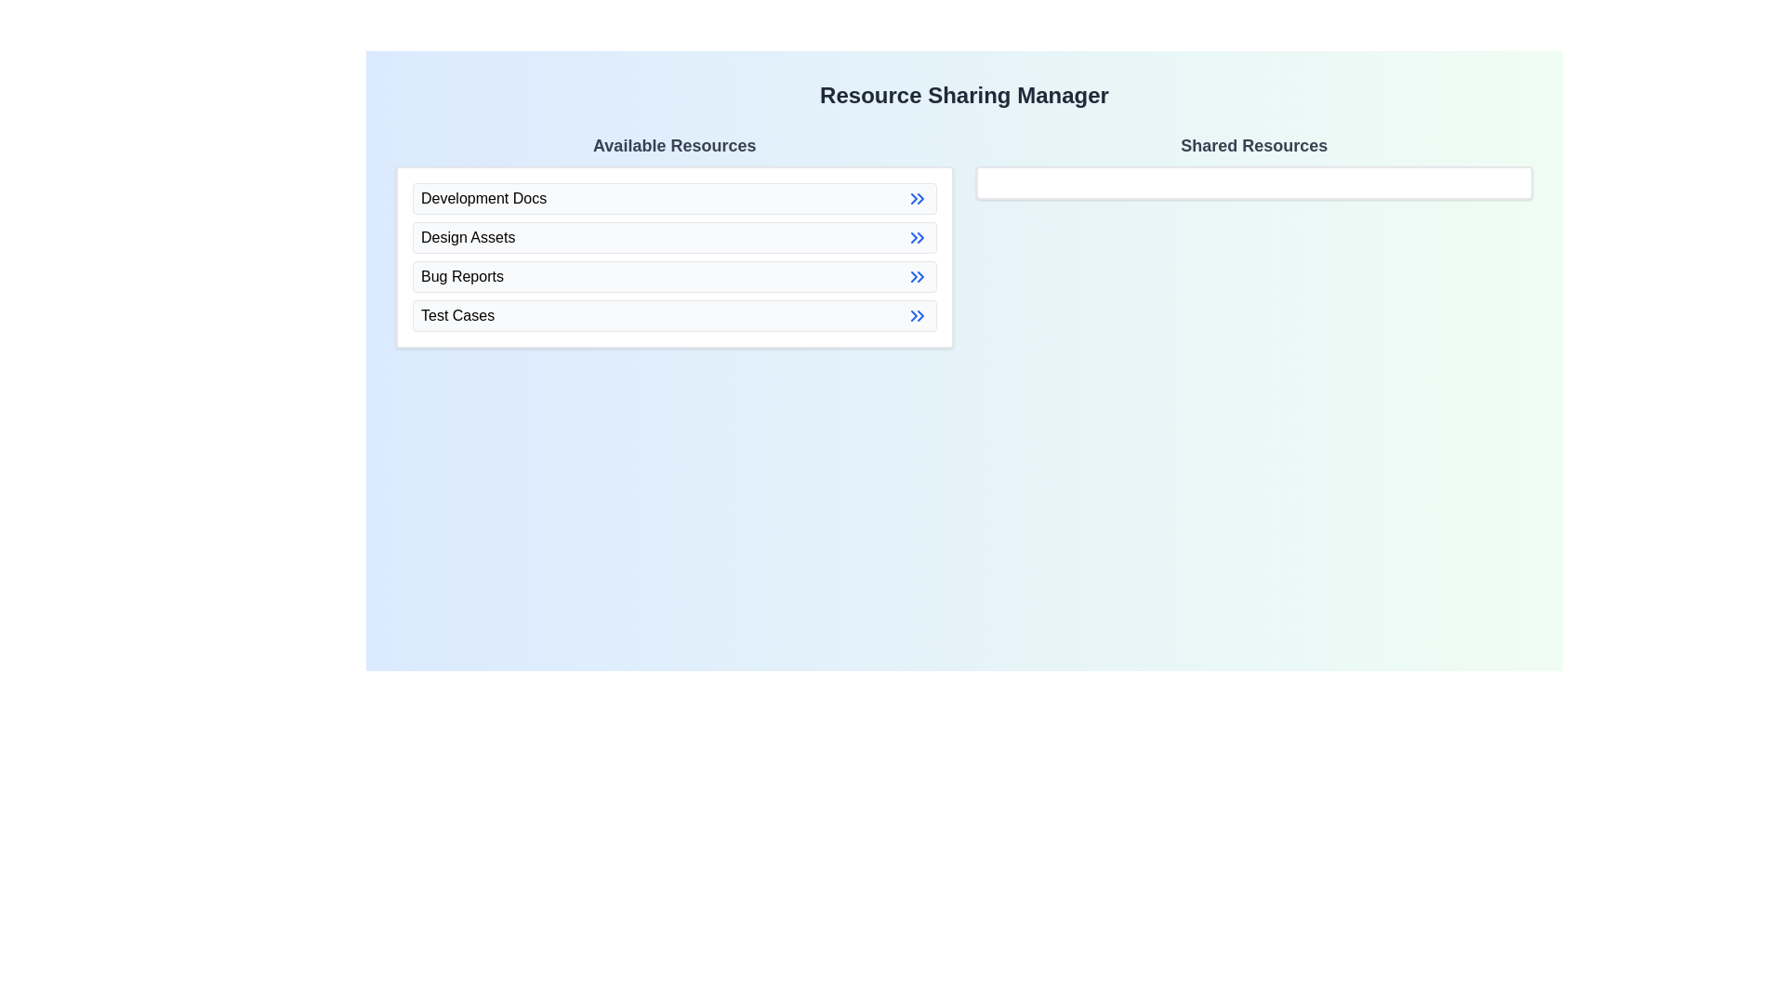  I want to click on transfer button next to the resource Bug Reports to move it to 'Shared Resources', so click(917, 276).